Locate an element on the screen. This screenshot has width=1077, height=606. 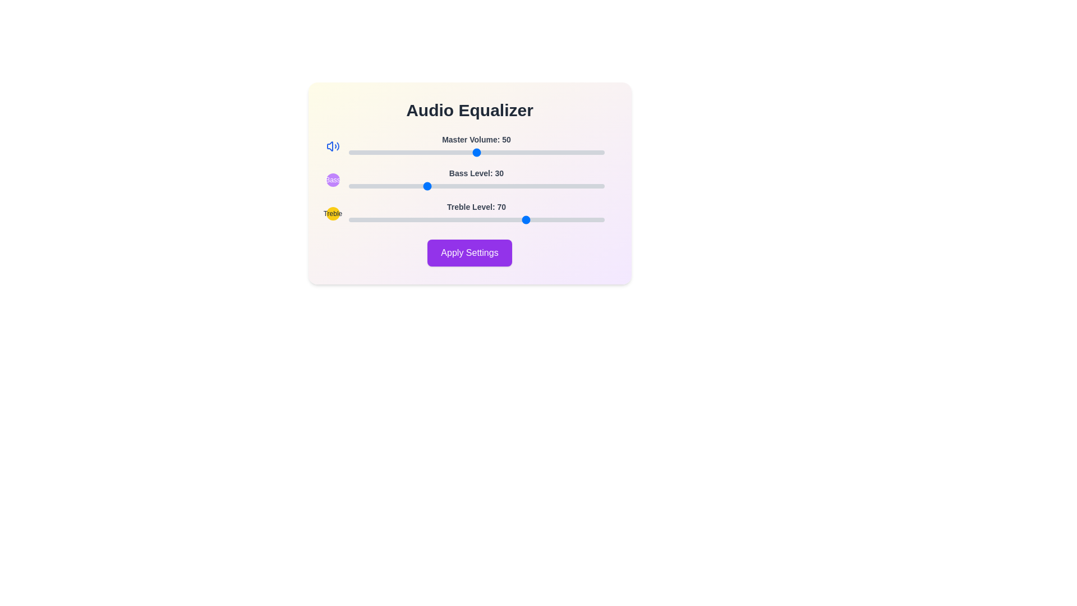
the master volume is located at coordinates (496, 153).